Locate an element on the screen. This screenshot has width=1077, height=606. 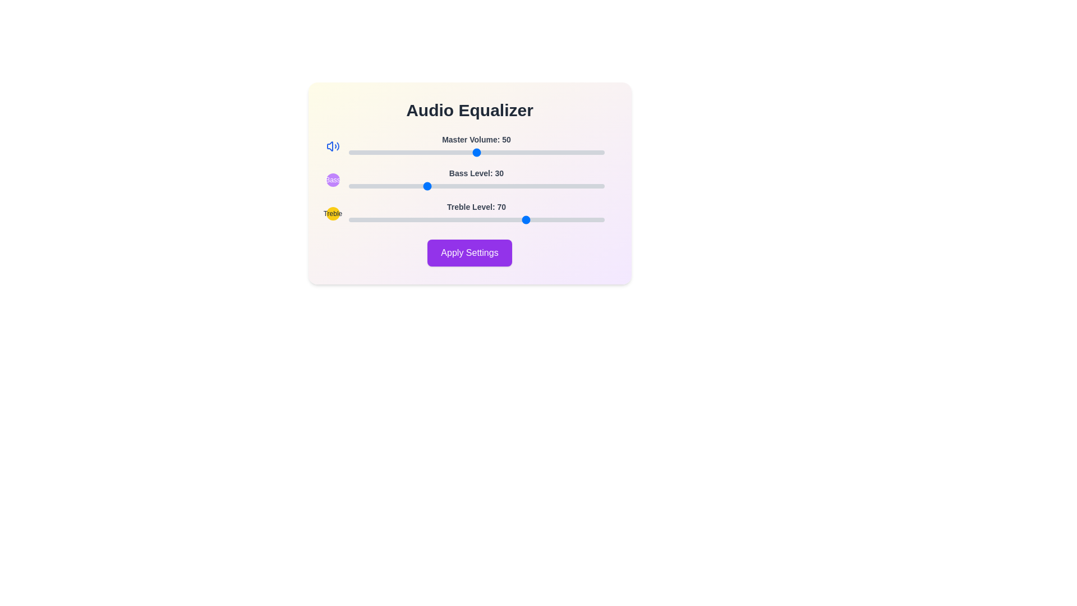
the master volume is located at coordinates (496, 153).